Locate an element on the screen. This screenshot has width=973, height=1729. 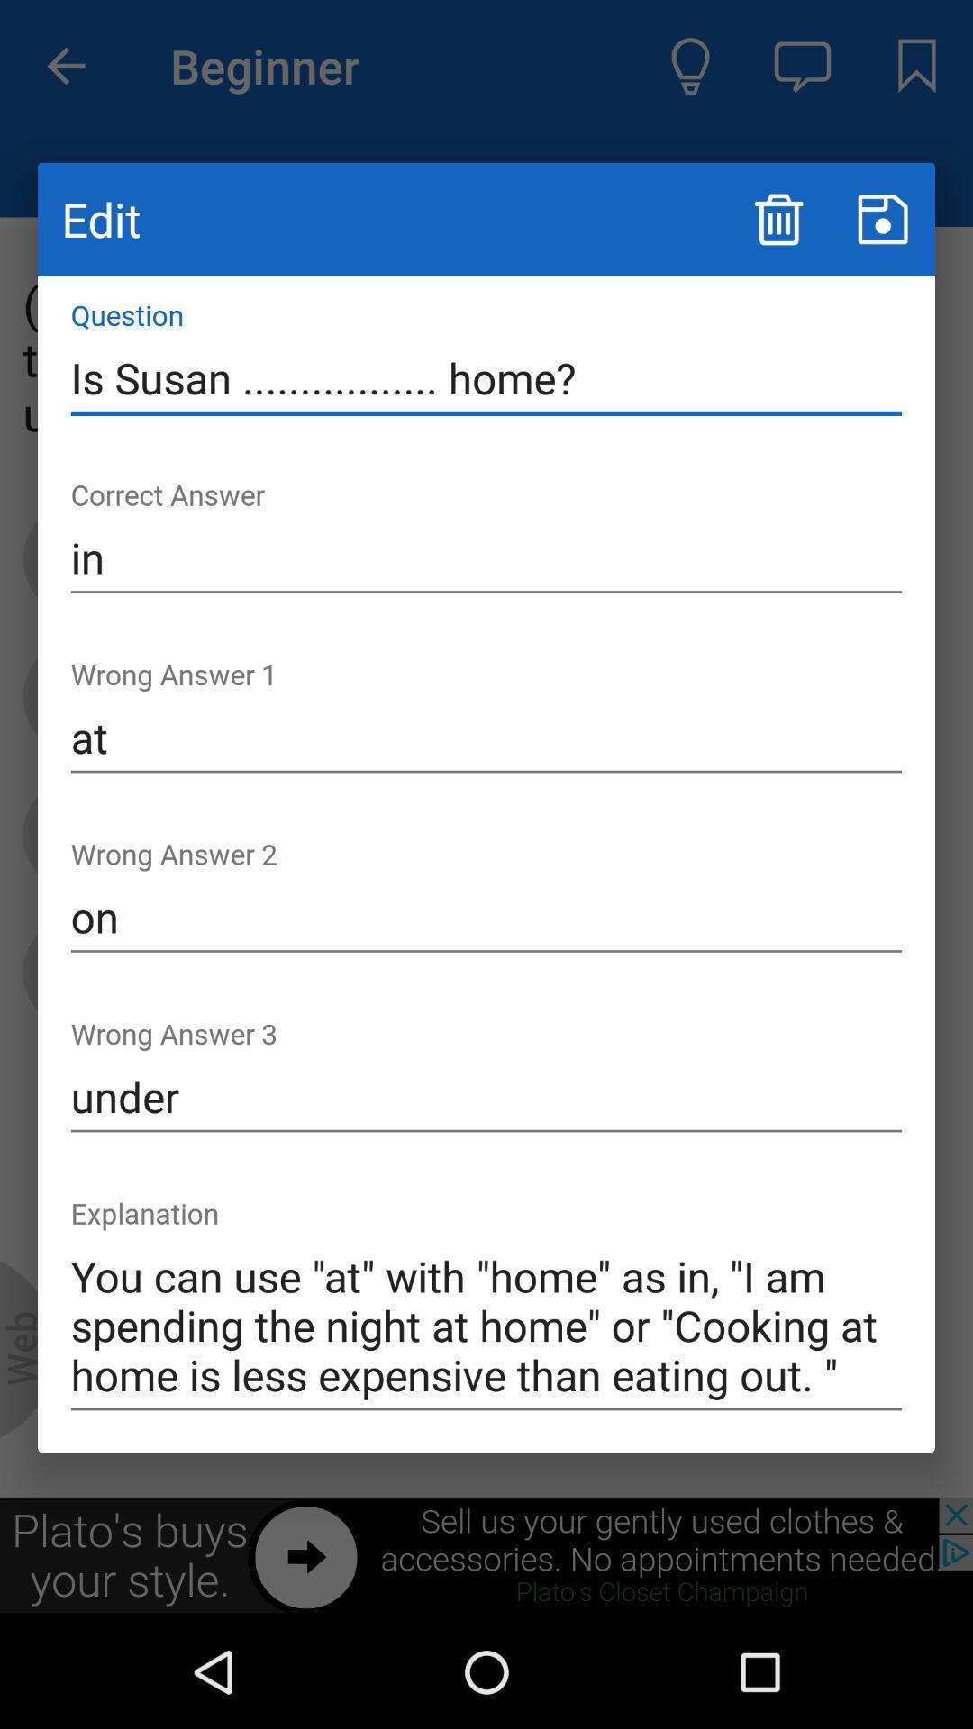
information is located at coordinates (882, 218).